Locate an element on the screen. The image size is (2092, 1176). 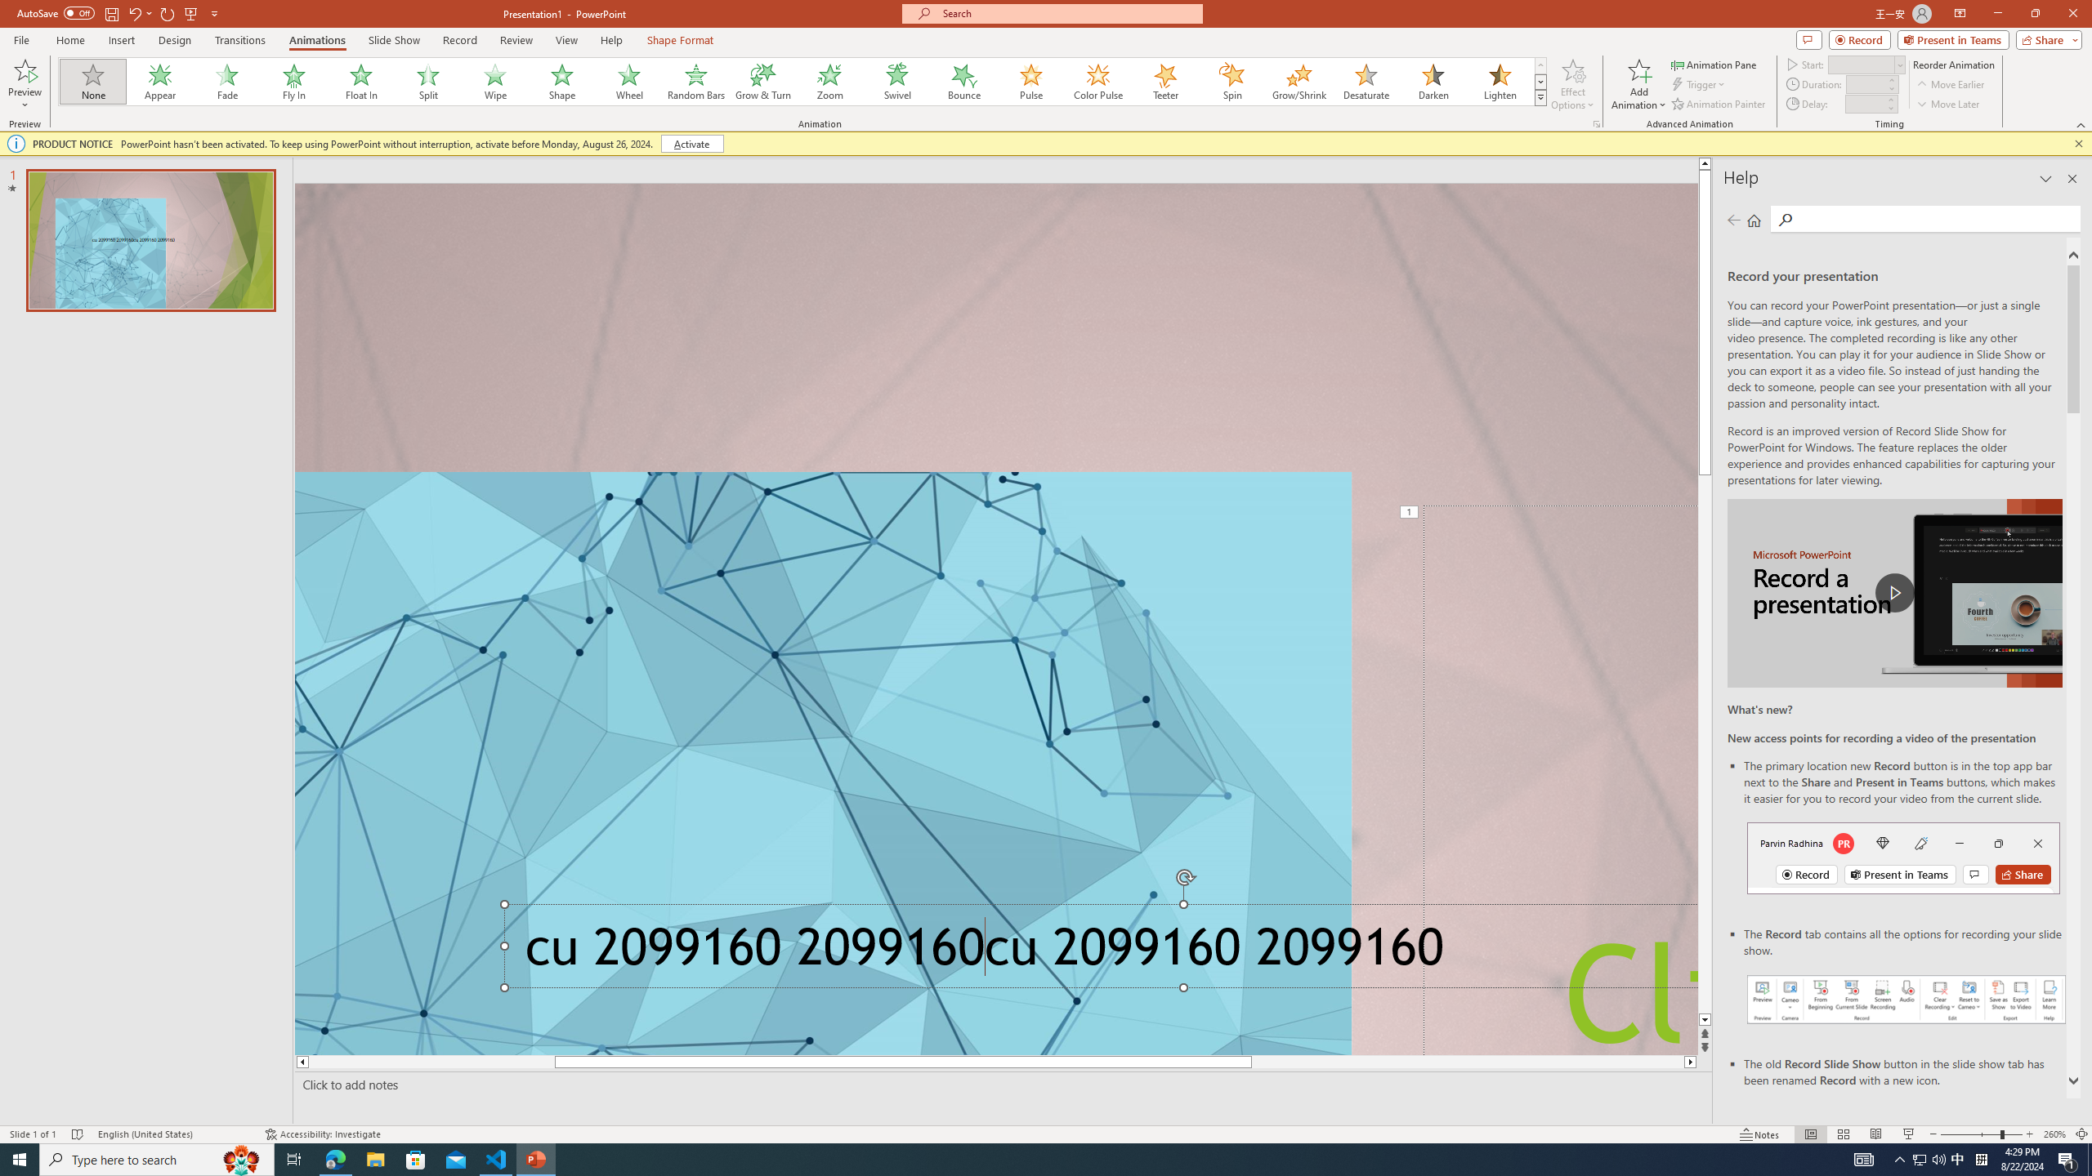
'Wipe' is located at coordinates (495, 81).